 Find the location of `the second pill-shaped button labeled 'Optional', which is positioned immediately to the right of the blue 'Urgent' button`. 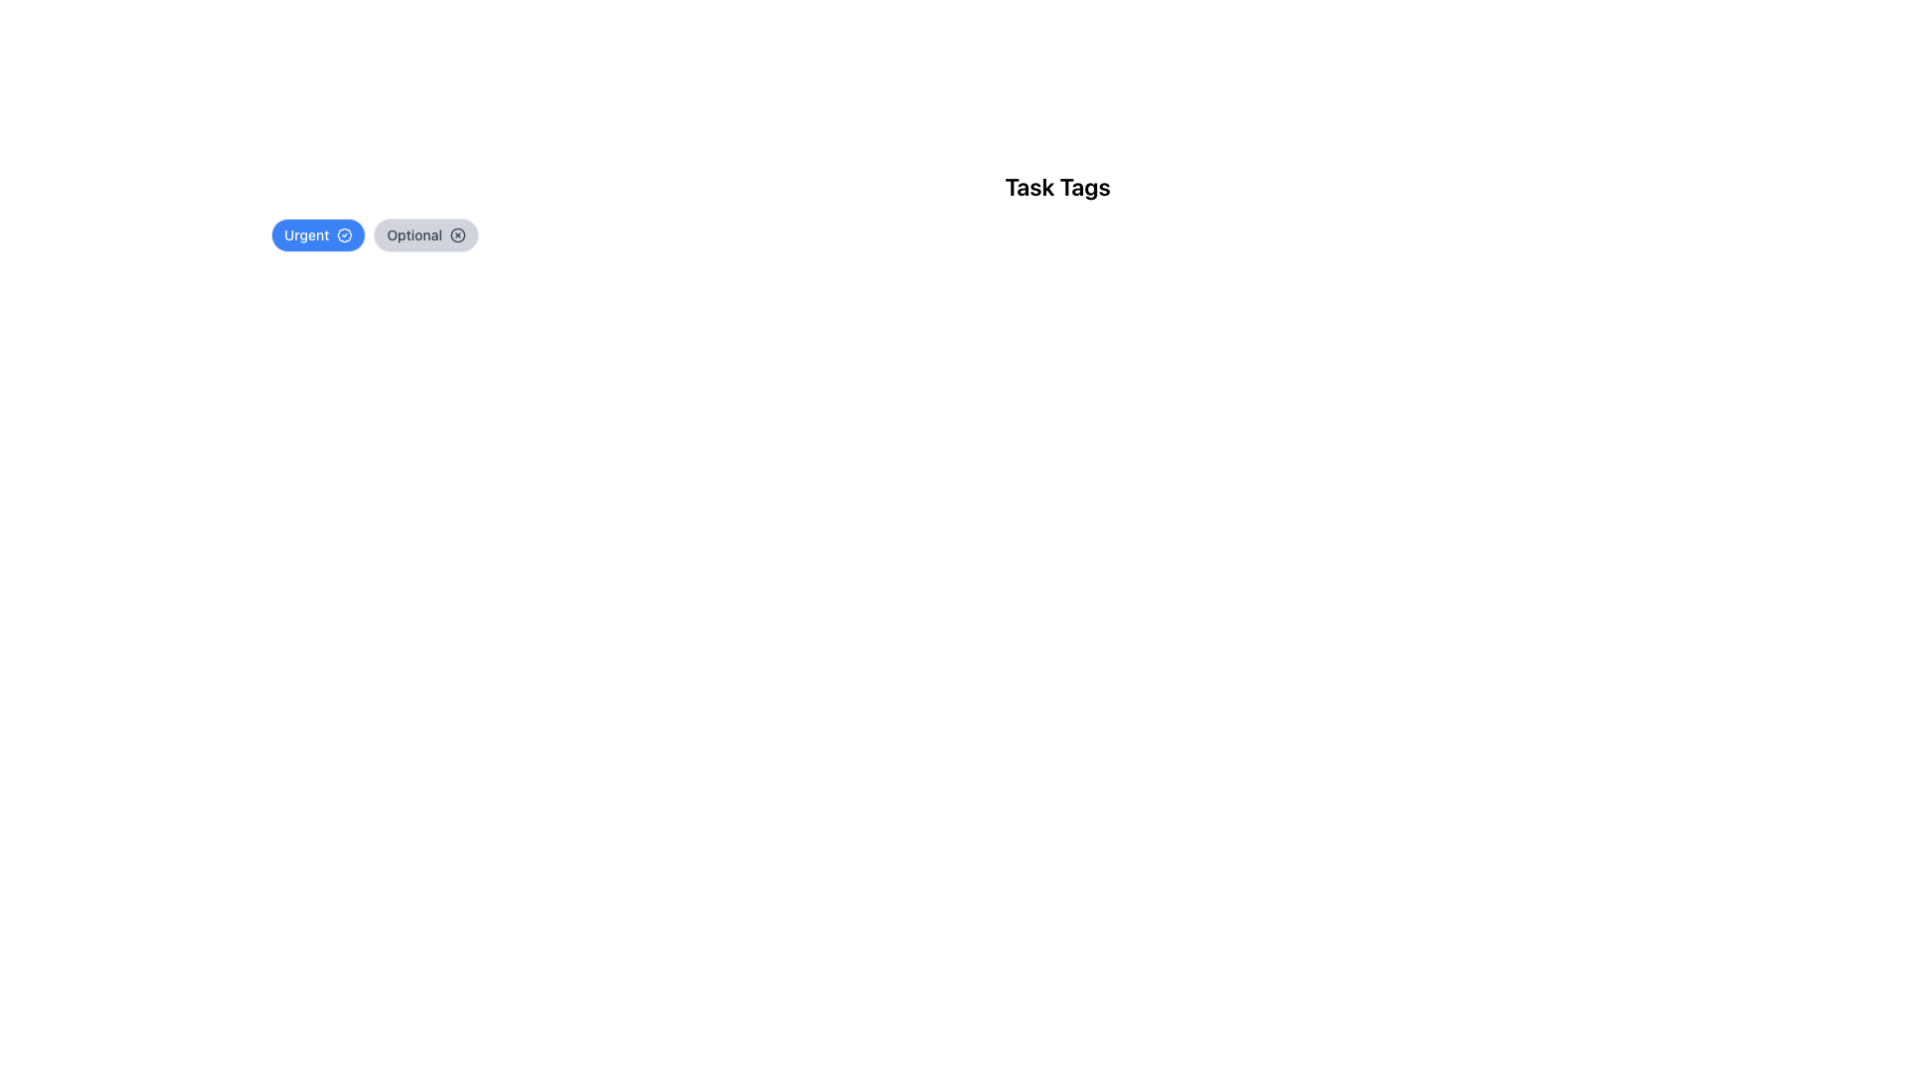

the second pill-shaped button labeled 'Optional', which is positioned immediately to the right of the blue 'Urgent' button is located at coordinates (425, 233).